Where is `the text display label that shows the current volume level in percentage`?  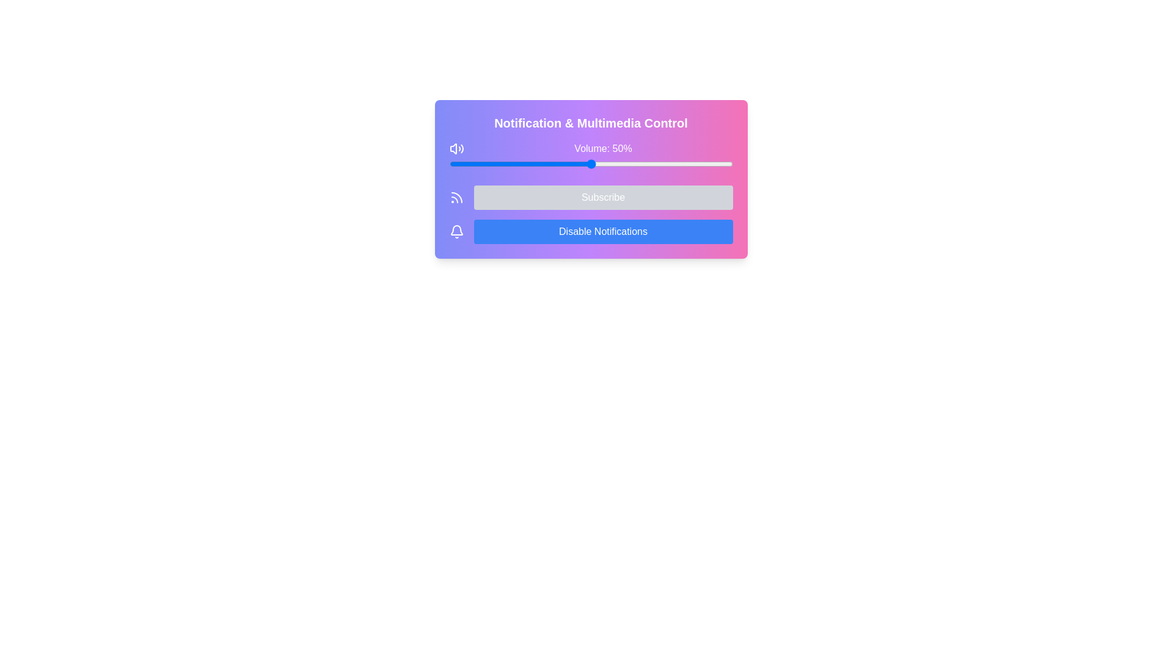 the text display label that shows the current volume level in percentage is located at coordinates (591, 148).